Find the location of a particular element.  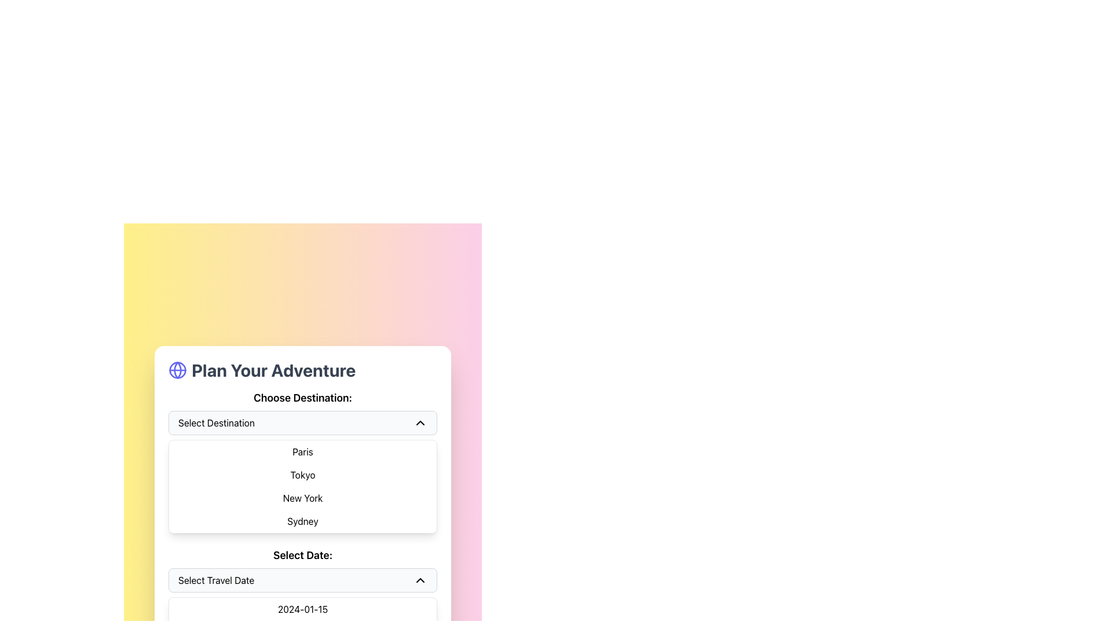

the dropdown menu list item containing city names such as Paris, Tokyo, New York, or Sydney is located at coordinates (303, 486).